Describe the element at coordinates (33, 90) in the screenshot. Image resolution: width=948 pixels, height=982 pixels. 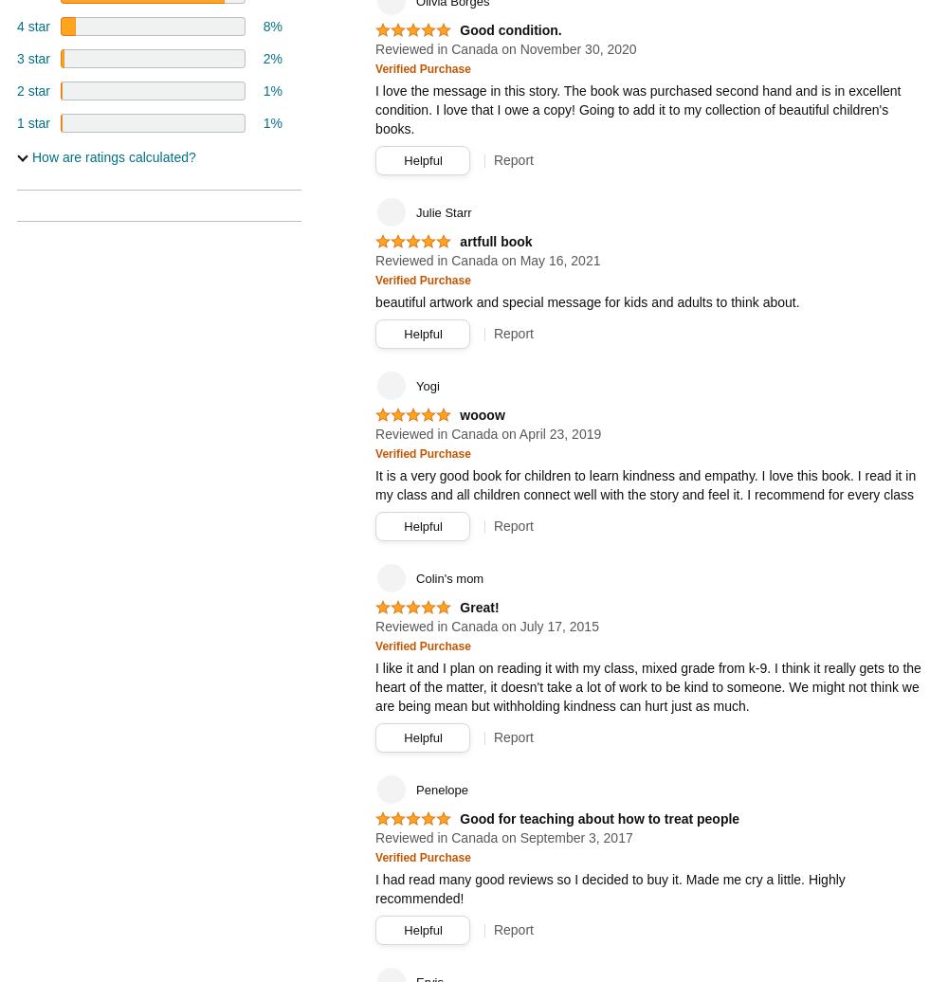
I see `'2 star'` at that location.